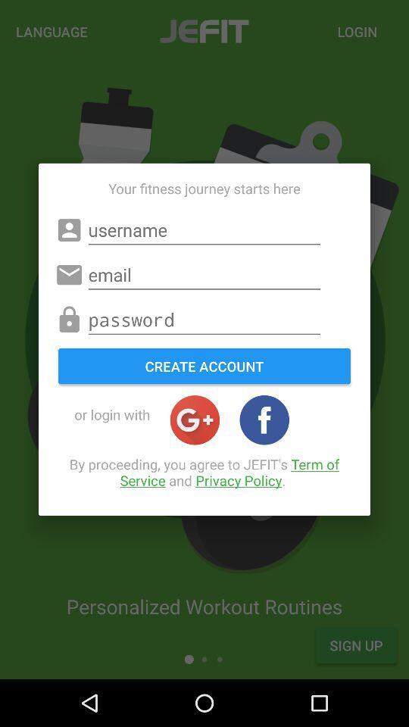 The height and width of the screenshot is (727, 409). I want to click on login google+, so click(195, 420).